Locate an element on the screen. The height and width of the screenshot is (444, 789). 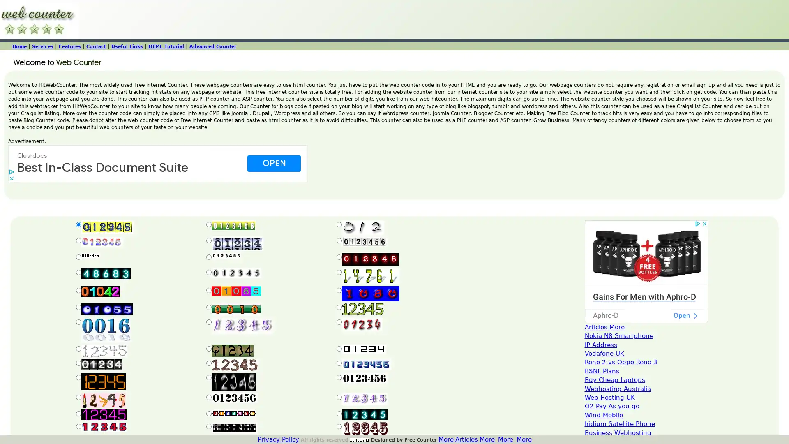
Submit is located at coordinates (103, 382).